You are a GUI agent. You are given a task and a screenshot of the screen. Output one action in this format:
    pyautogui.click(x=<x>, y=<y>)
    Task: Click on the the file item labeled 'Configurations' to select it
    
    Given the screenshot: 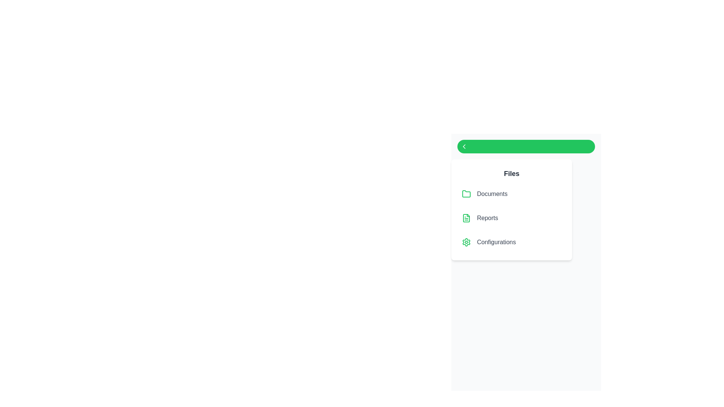 What is the action you would take?
    pyautogui.click(x=512, y=242)
    